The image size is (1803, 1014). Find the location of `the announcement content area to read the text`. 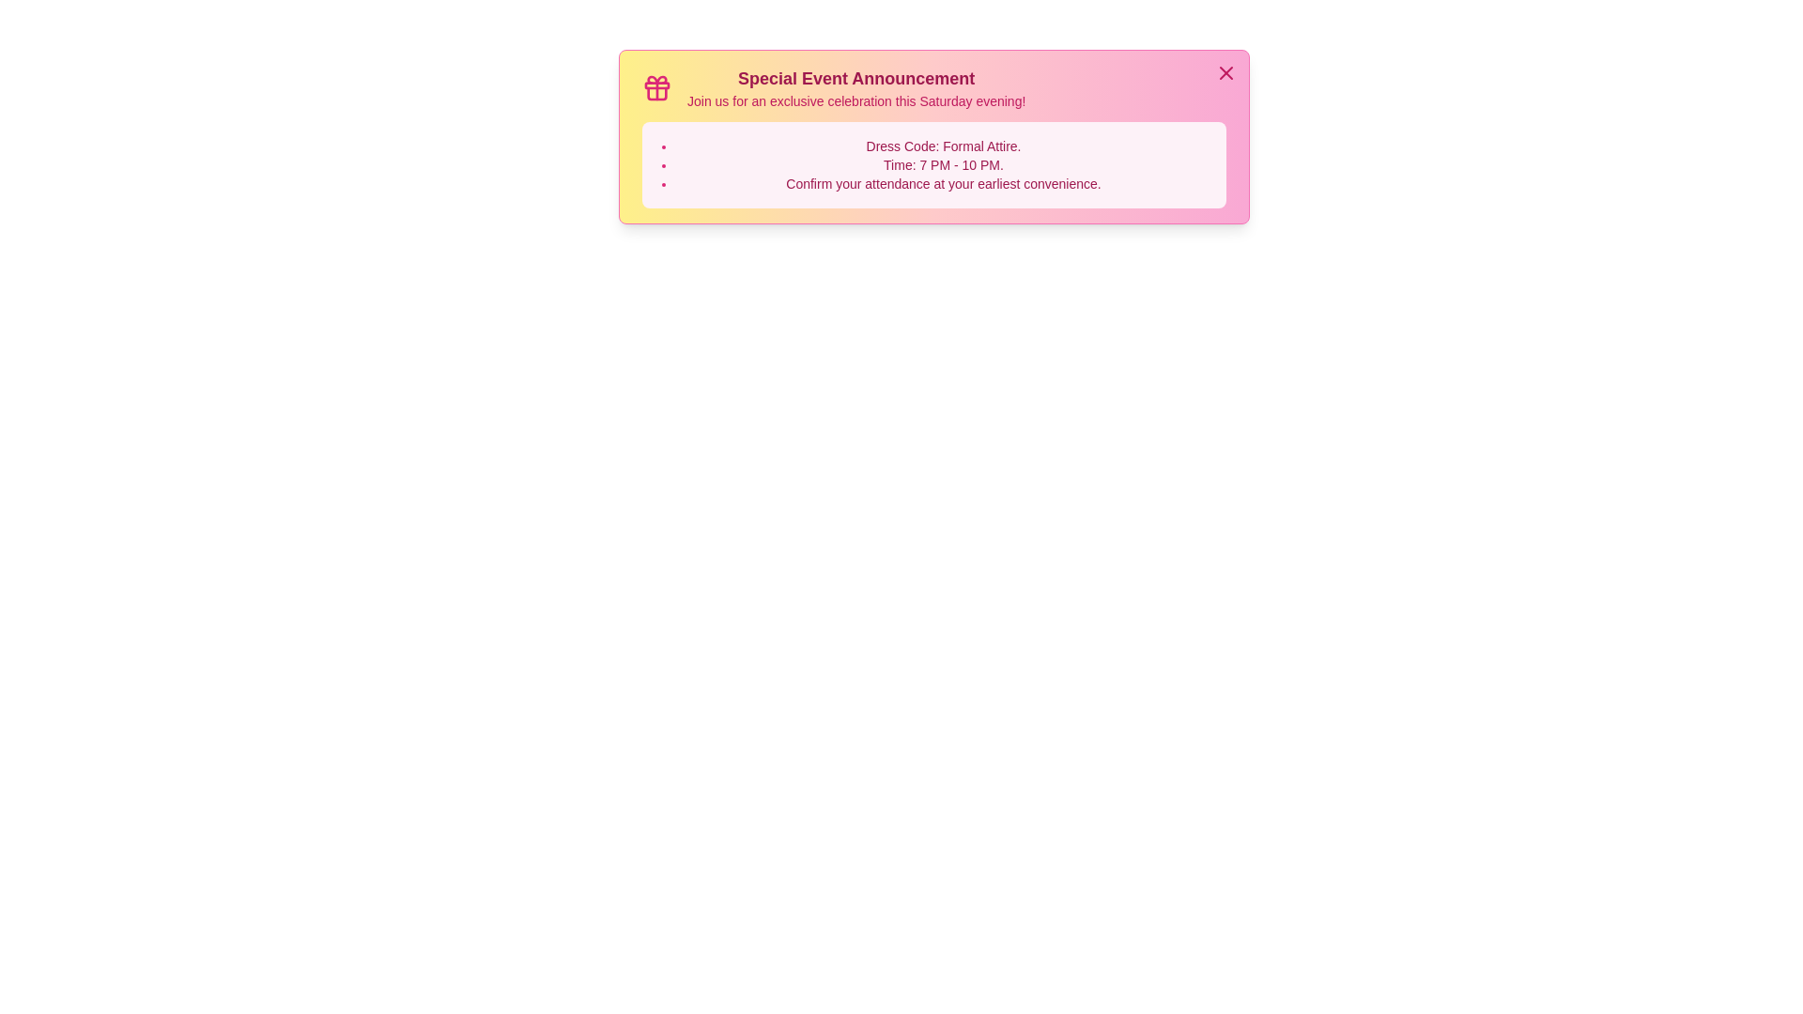

the announcement content area to read the text is located at coordinates (933, 136).